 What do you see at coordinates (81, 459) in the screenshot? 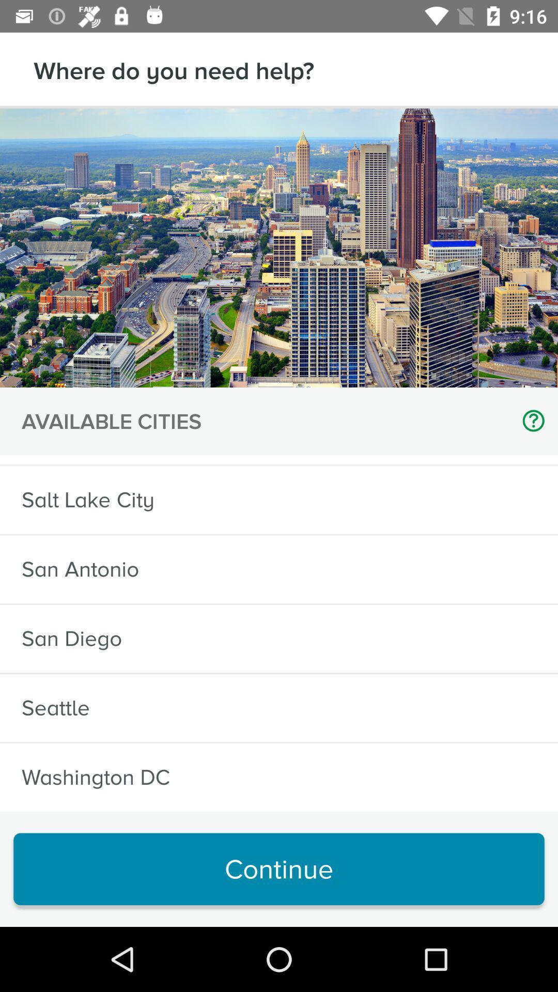
I see `the sf bay area icon` at bounding box center [81, 459].